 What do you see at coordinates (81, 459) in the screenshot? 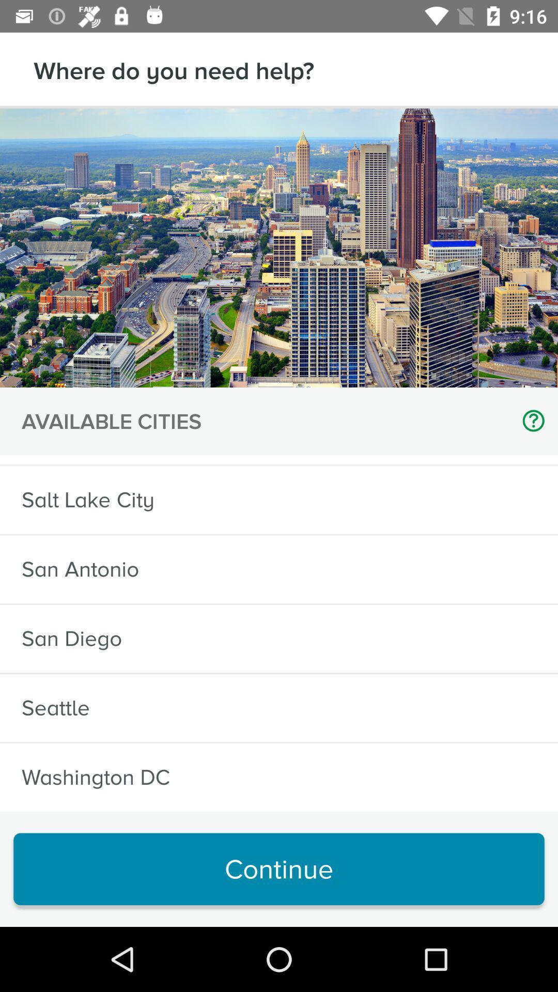
I see `the sf bay area icon` at bounding box center [81, 459].